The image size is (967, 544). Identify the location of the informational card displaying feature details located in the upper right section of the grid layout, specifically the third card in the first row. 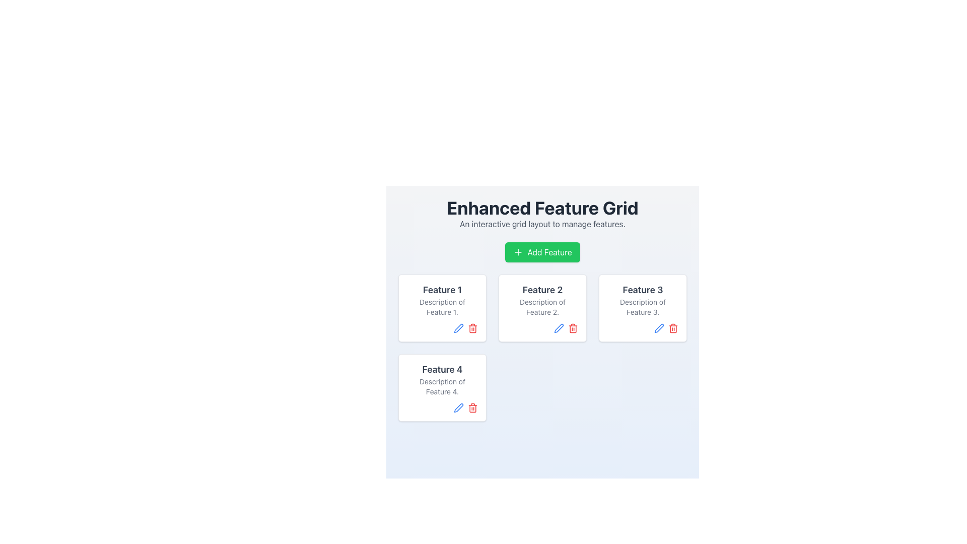
(642, 308).